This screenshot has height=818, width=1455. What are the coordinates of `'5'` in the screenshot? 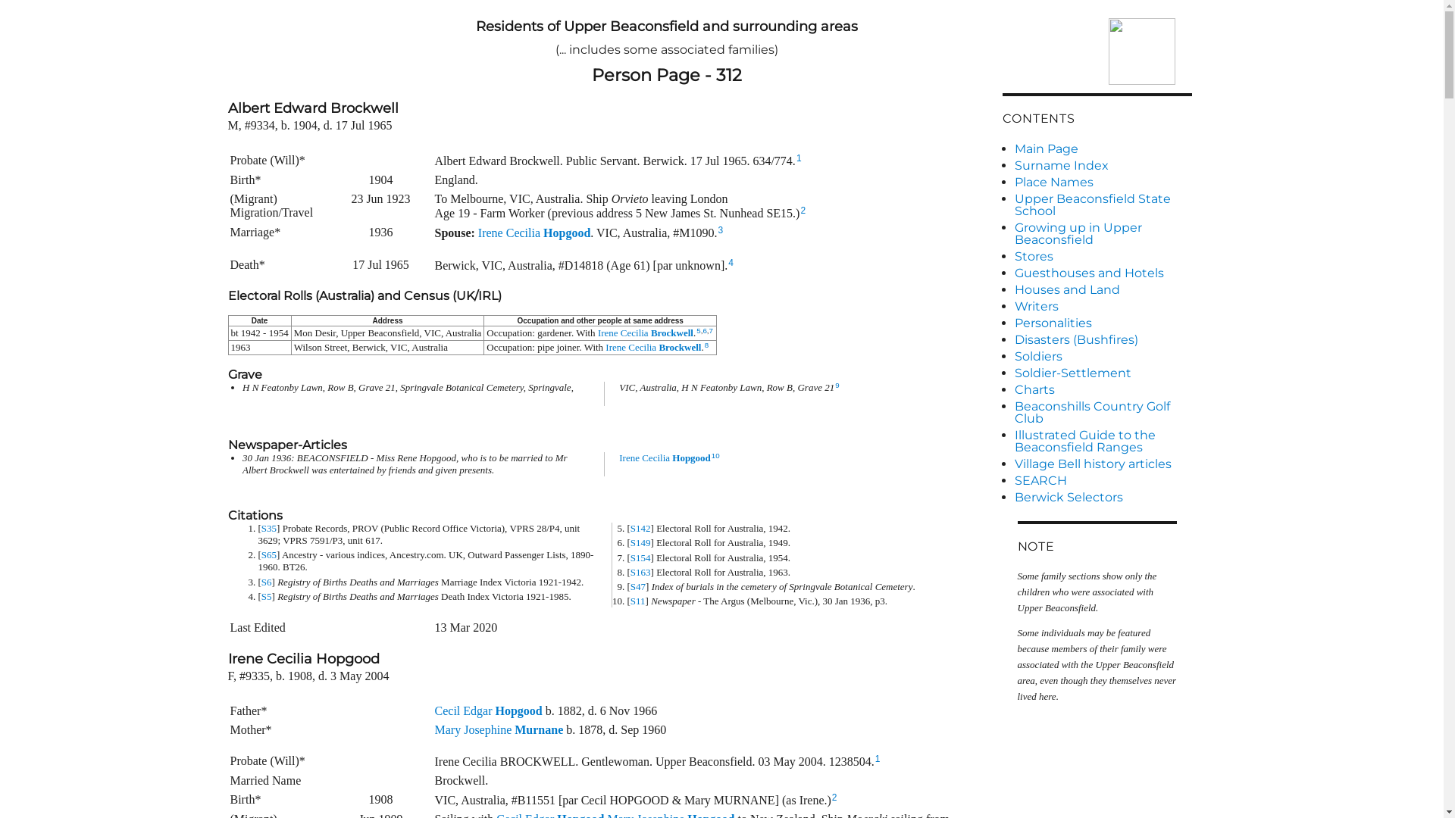 It's located at (697, 329).